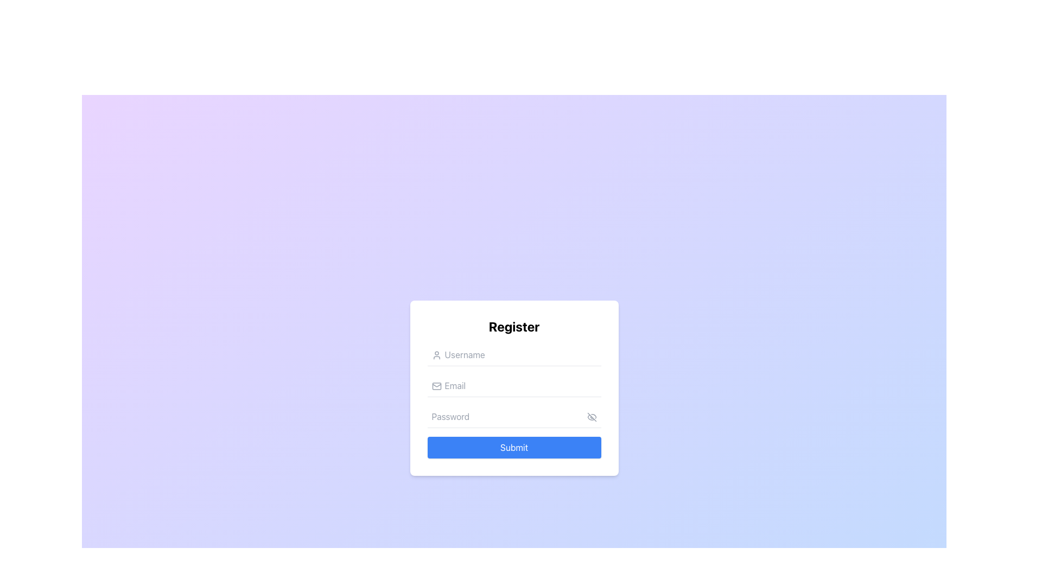  What do you see at coordinates (436, 385) in the screenshot?
I see `the envelope icon located to the left of the 'Email' input field within the registration form for information` at bounding box center [436, 385].